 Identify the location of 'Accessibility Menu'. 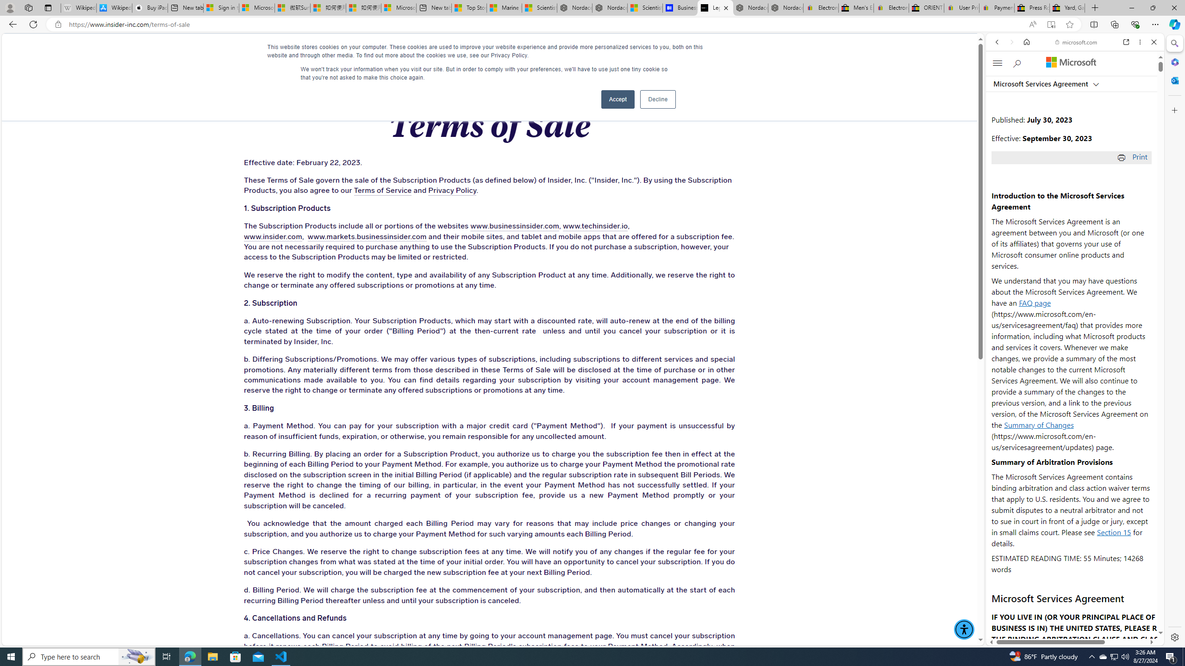
(964, 629).